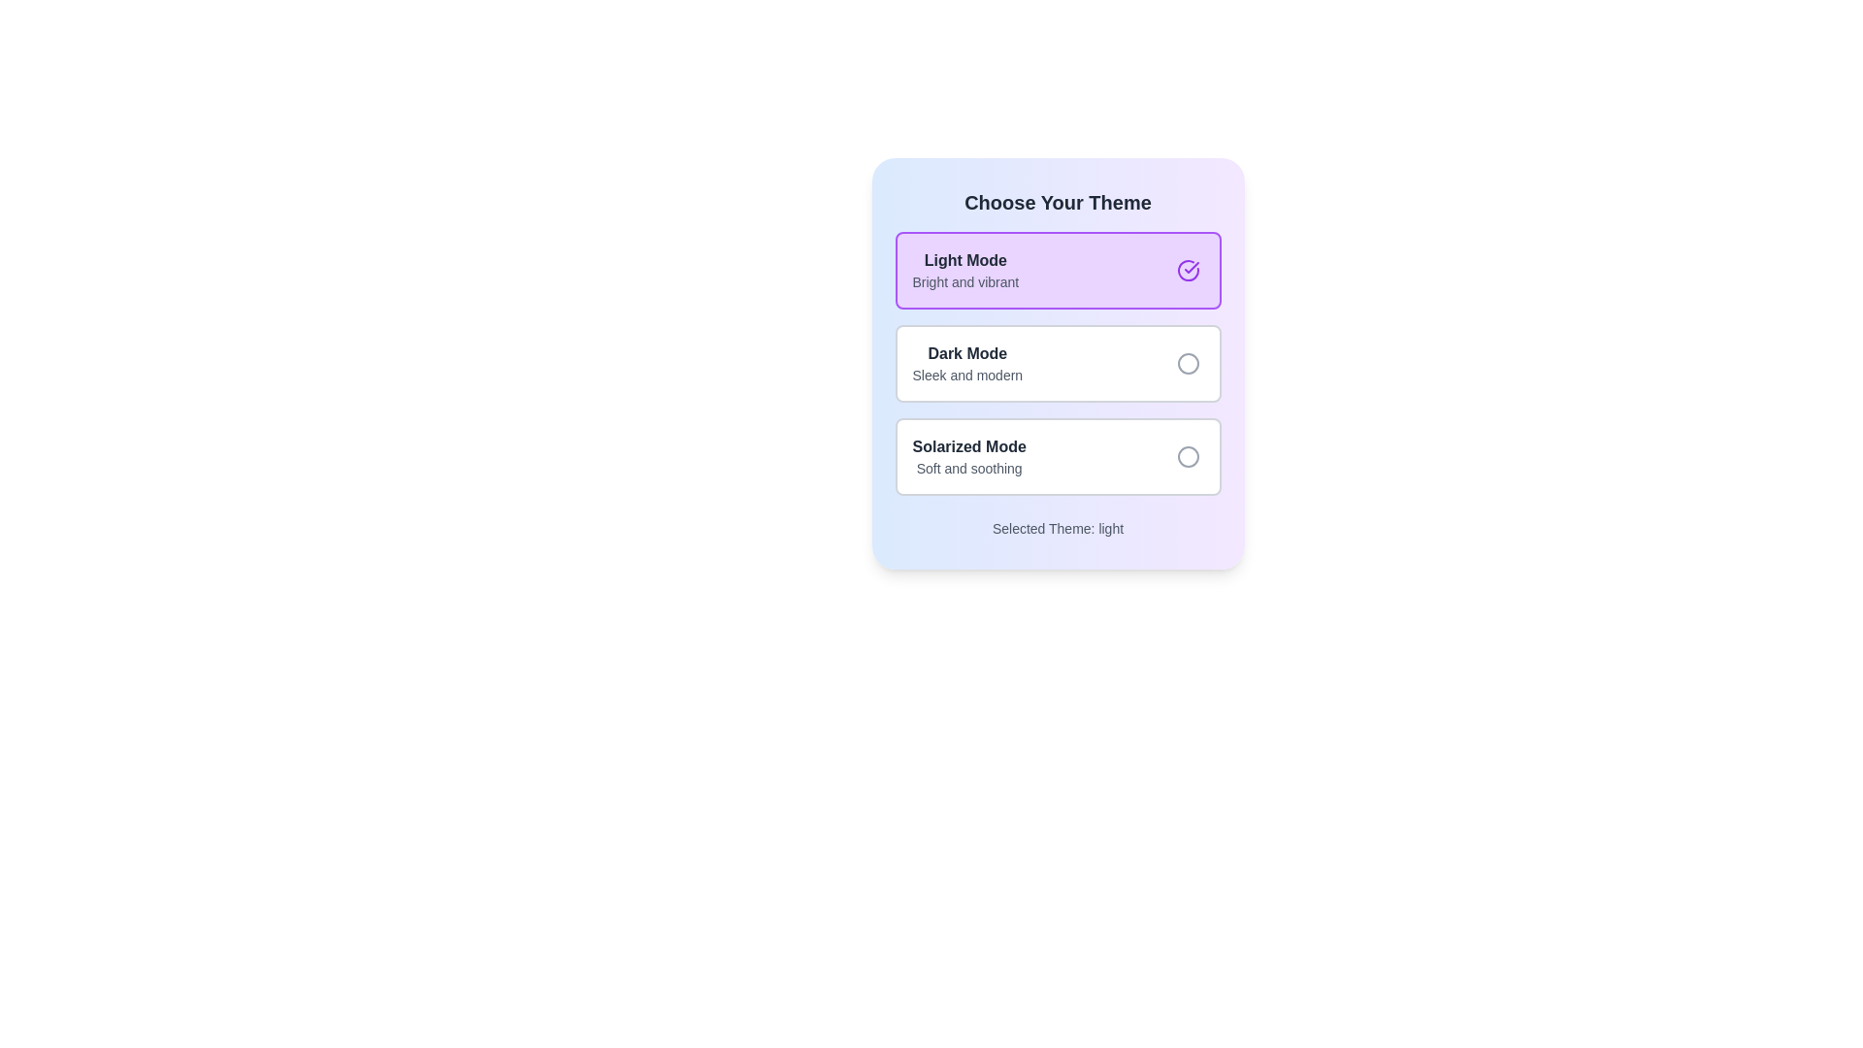 Image resolution: width=1863 pixels, height=1048 pixels. I want to click on the SVG Circle element located in the bottom-right section of the card displaying 'Solarized Mode', so click(1187, 456).